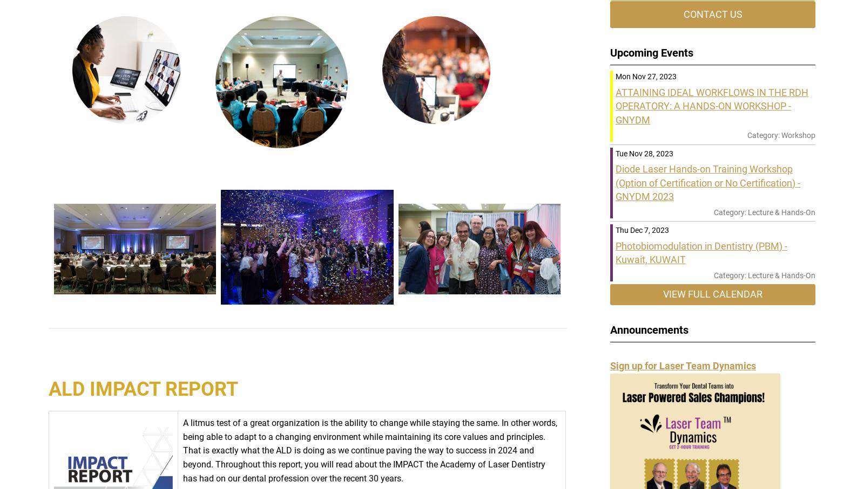 This screenshot has width=864, height=489. Describe the element at coordinates (644, 152) in the screenshot. I see `'Tue Nov 28, 2023'` at that location.